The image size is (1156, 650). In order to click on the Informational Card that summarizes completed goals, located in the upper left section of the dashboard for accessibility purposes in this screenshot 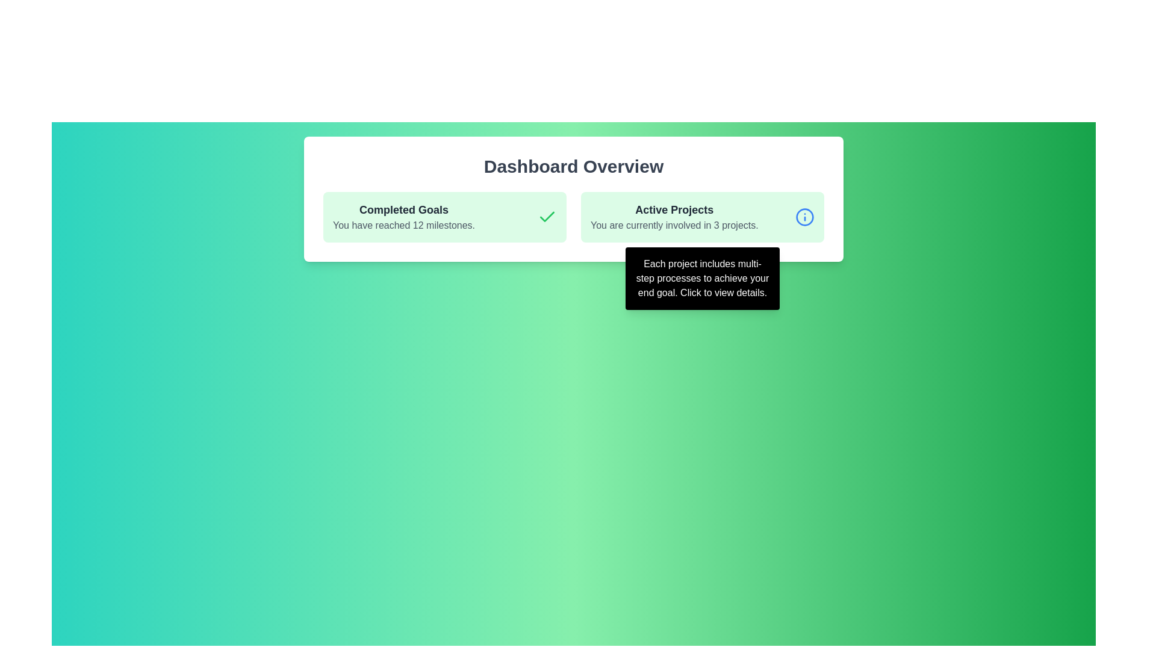, I will do `click(444, 217)`.